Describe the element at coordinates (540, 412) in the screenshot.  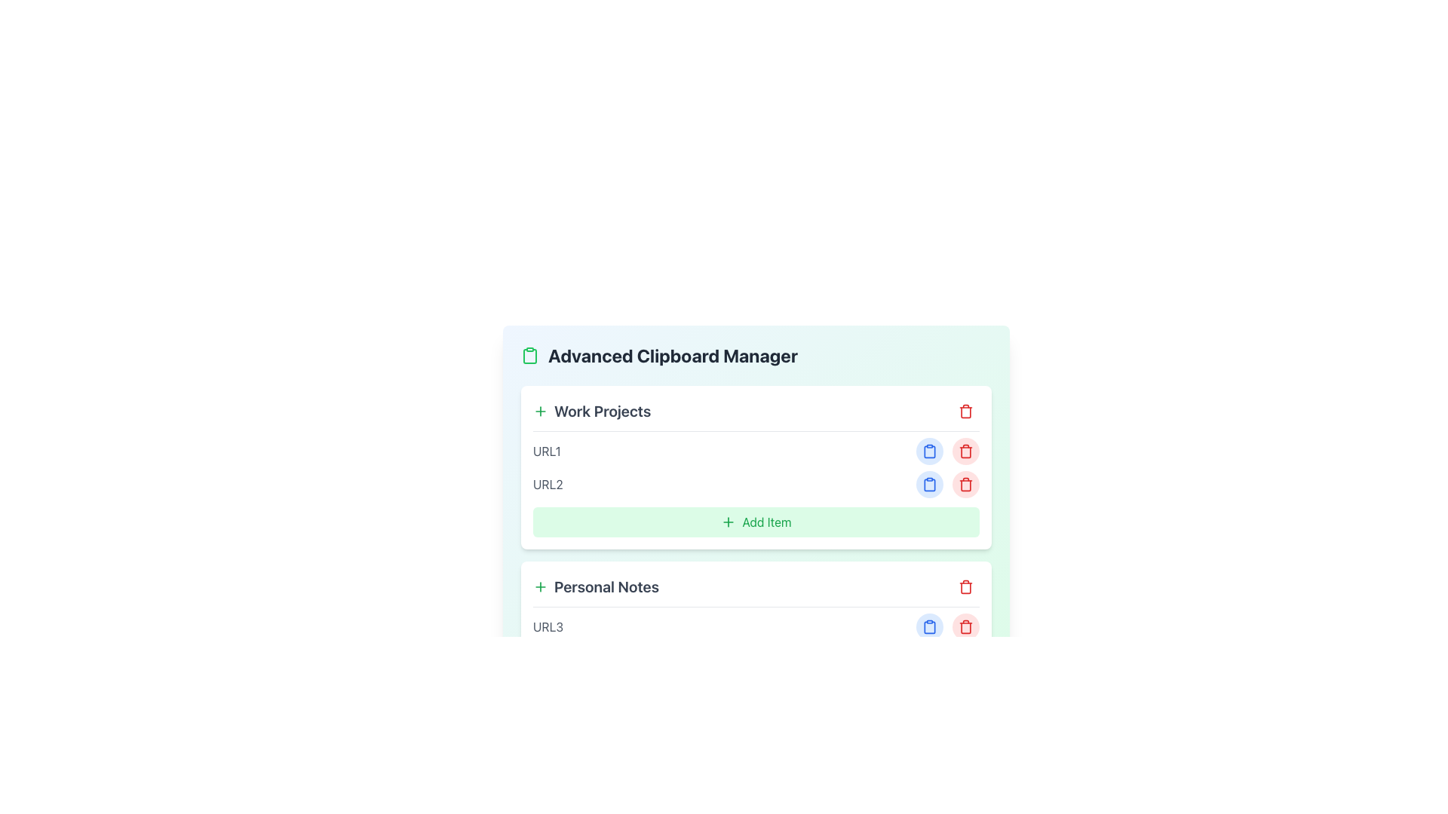
I see `the green plus sign icon outlined in a round-cornered box, located to the left of the text 'Work Projects'` at that location.